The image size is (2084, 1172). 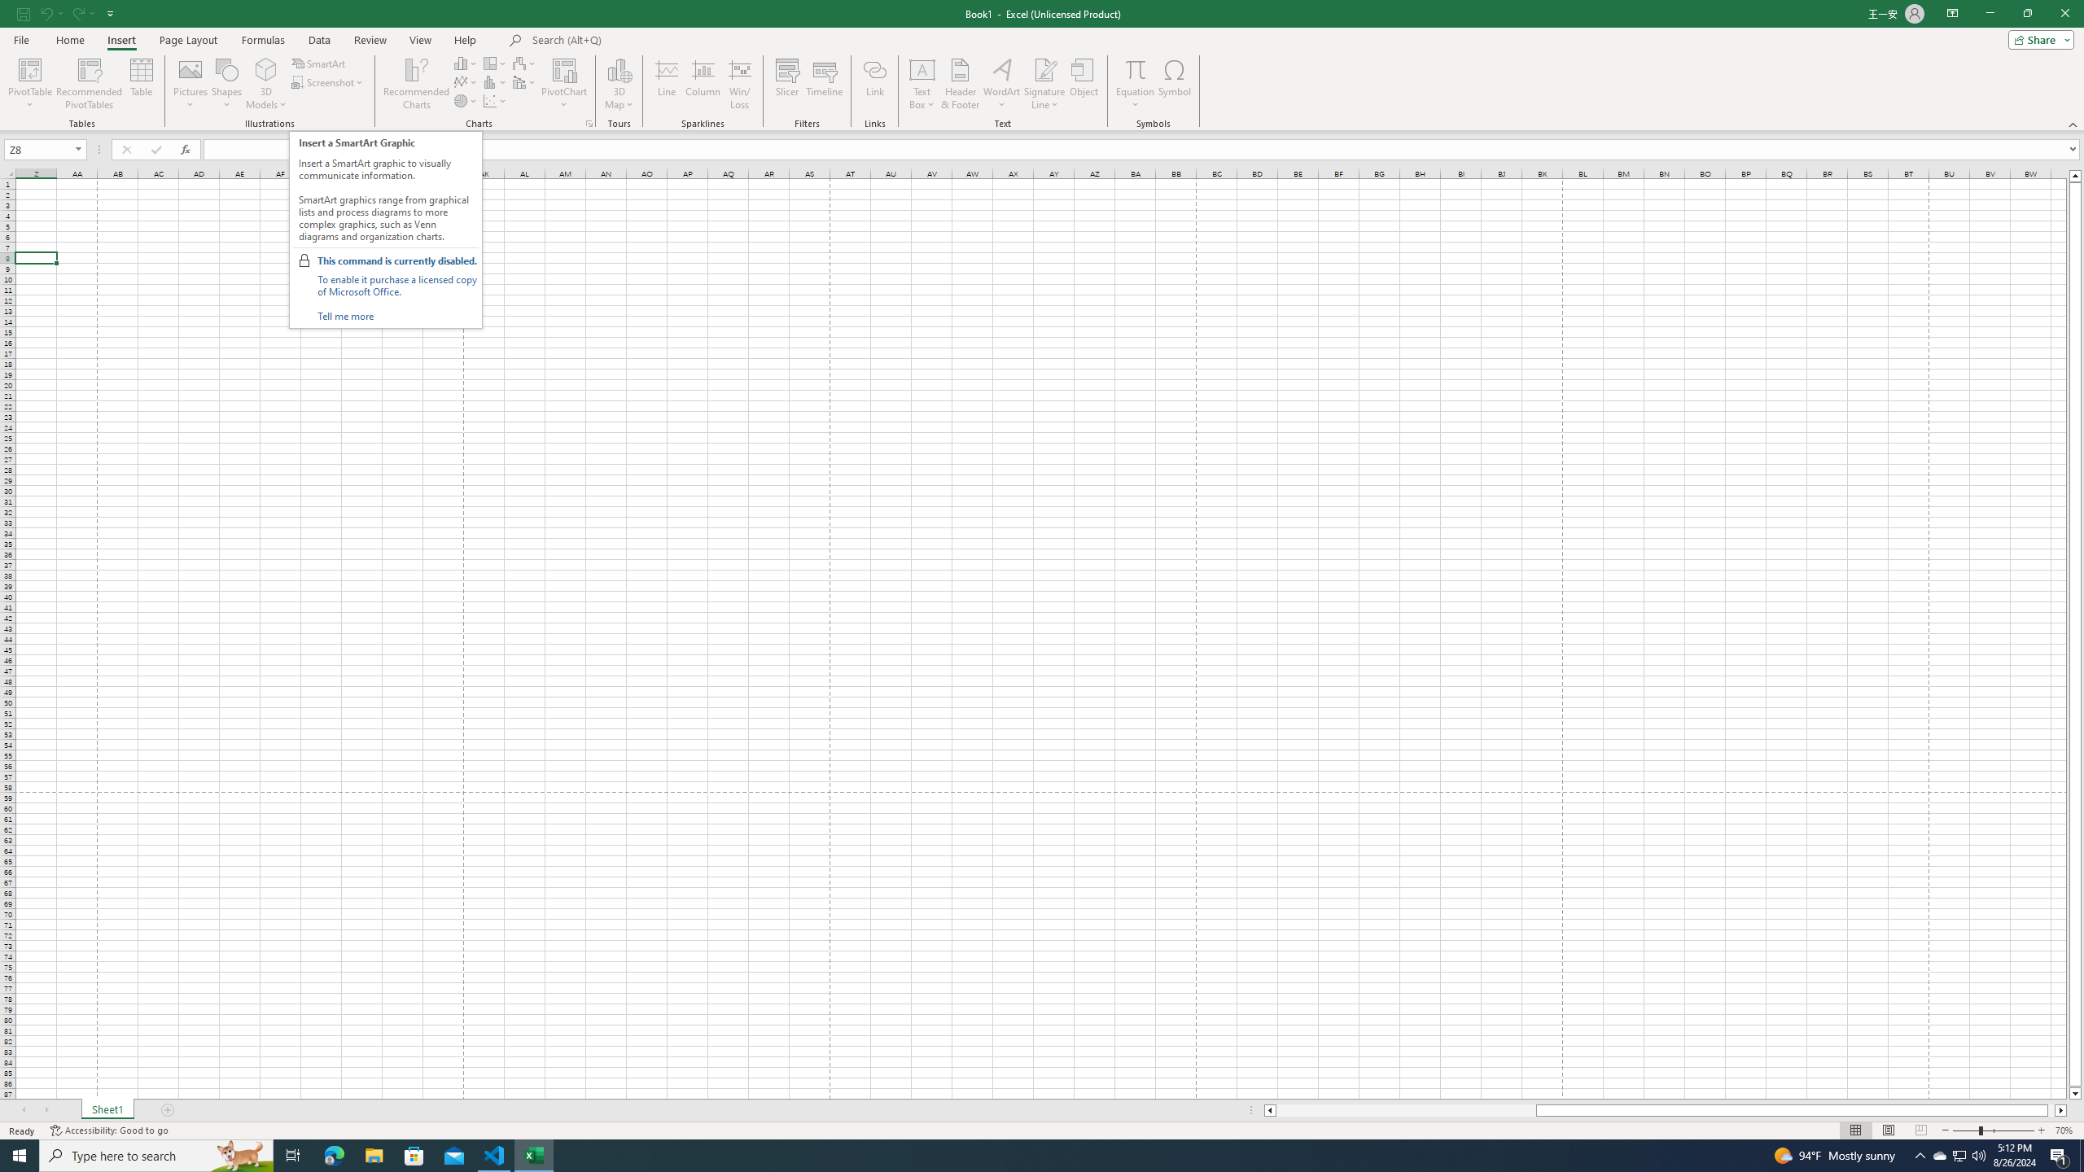 What do you see at coordinates (142, 84) in the screenshot?
I see `'Table'` at bounding box center [142, 84].